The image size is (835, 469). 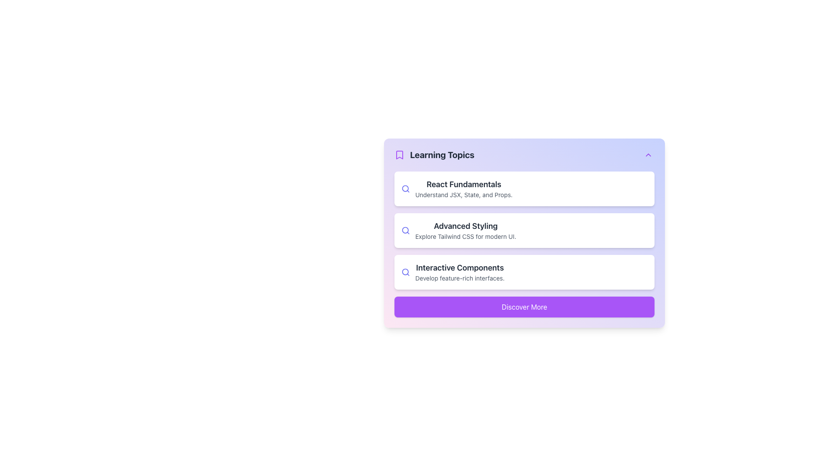 I want to click on the Text Label that serves as the title for a learning topic, positioned above the description text 'Understand JSX, State, and Props.', so click(x=463, y=184).